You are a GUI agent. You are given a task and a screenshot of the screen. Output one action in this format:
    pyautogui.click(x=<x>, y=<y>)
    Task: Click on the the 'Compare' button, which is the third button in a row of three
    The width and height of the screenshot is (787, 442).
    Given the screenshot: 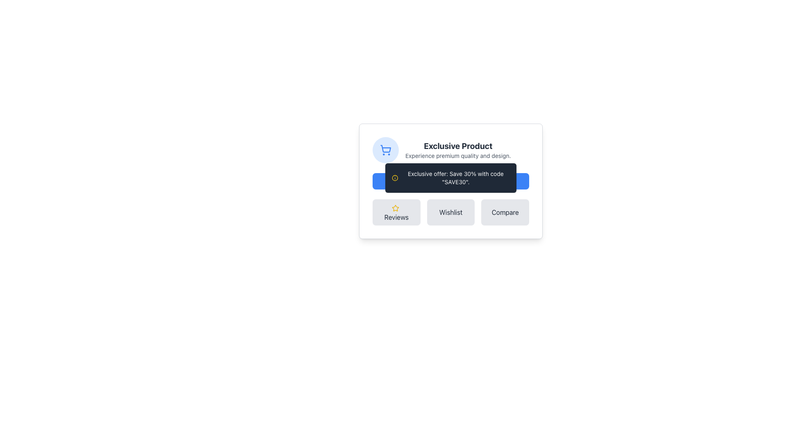 What is the action you would take?
    pyautogui.click(x=505, y=212)
    